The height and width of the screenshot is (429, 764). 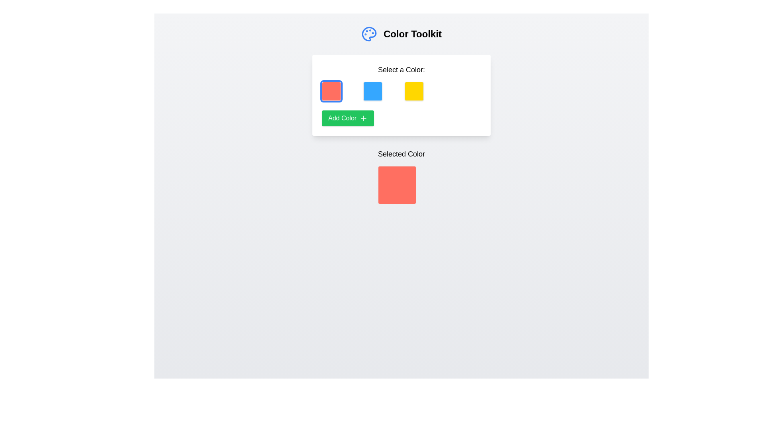 I want to click on the color palette icon representing the 'Color Toolkit' functionality, located to the left of the 'Color Toolkit' text, so click(x=368, y=33).